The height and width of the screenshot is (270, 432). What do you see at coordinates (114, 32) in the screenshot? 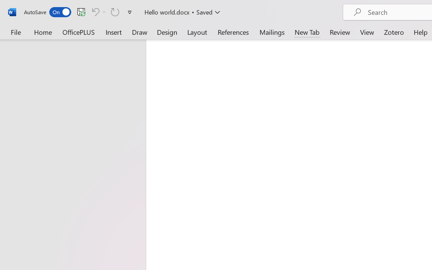
I see `'Insert'` at bounding box center [114, 32].